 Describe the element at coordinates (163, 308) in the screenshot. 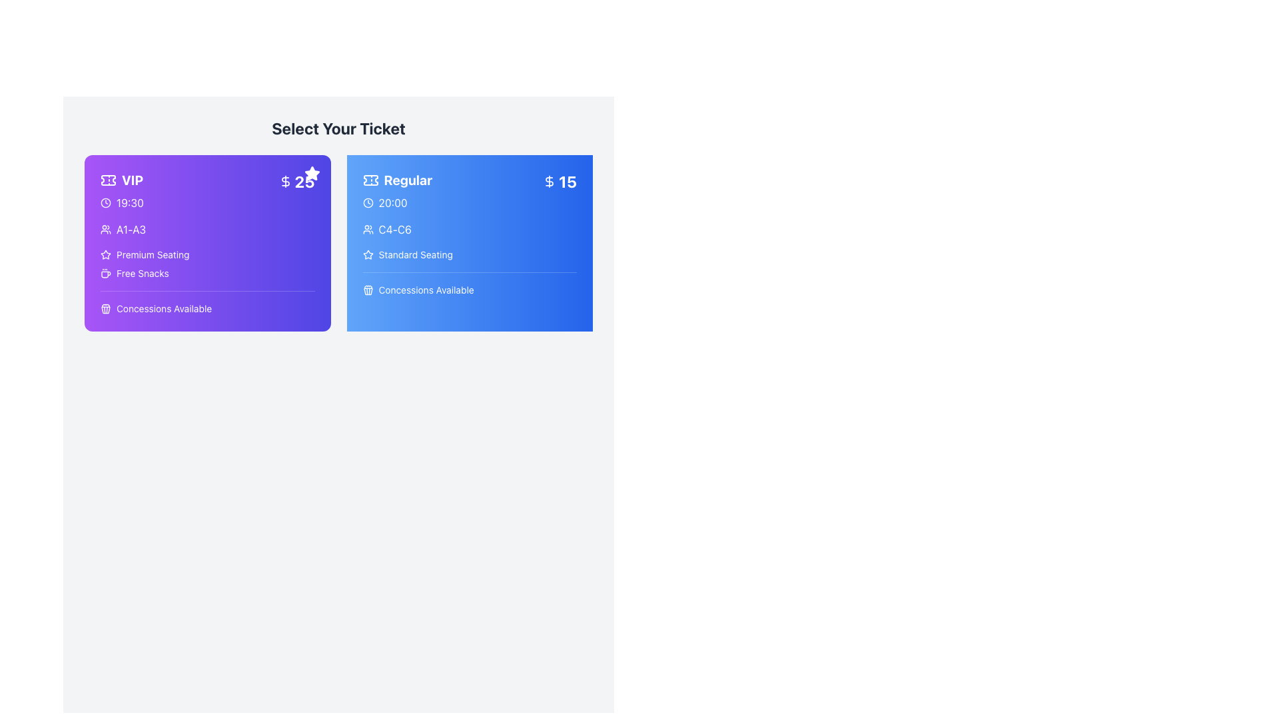

I see `the text label displaying 'Concessions Available' located in the bottom-left section of the purple card labeled 'VIP'` at that location.